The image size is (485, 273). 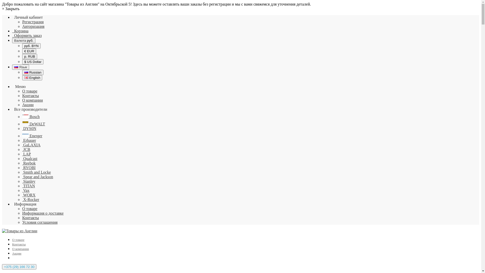 What do you see at coordinates (29, 181) in the screenshot?
I see `'Stanley'` at bounding box center [29, 181].